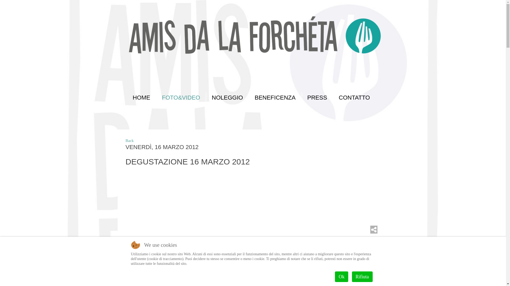 The width and height of the screenshot is (510, 286). What do you see at coordinates (274, 98) in the screenshot?
I see `'BENEFICENZA'` at bounding box center [274, 98].